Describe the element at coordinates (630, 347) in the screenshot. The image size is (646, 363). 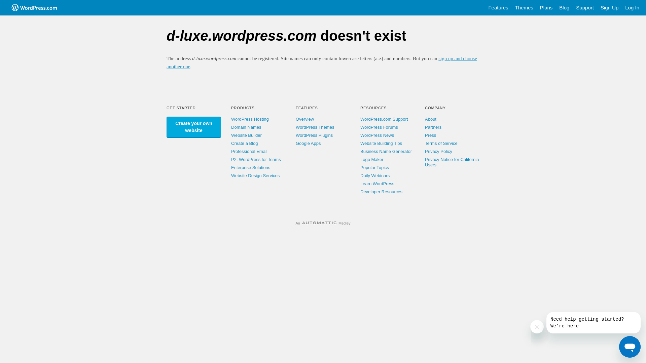
I see `'Button to launch messaging window'` at that location.